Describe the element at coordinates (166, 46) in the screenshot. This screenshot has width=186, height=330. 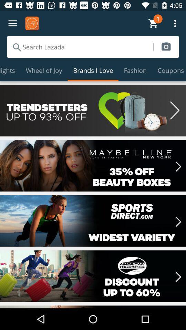
I see `submit image` at that location.